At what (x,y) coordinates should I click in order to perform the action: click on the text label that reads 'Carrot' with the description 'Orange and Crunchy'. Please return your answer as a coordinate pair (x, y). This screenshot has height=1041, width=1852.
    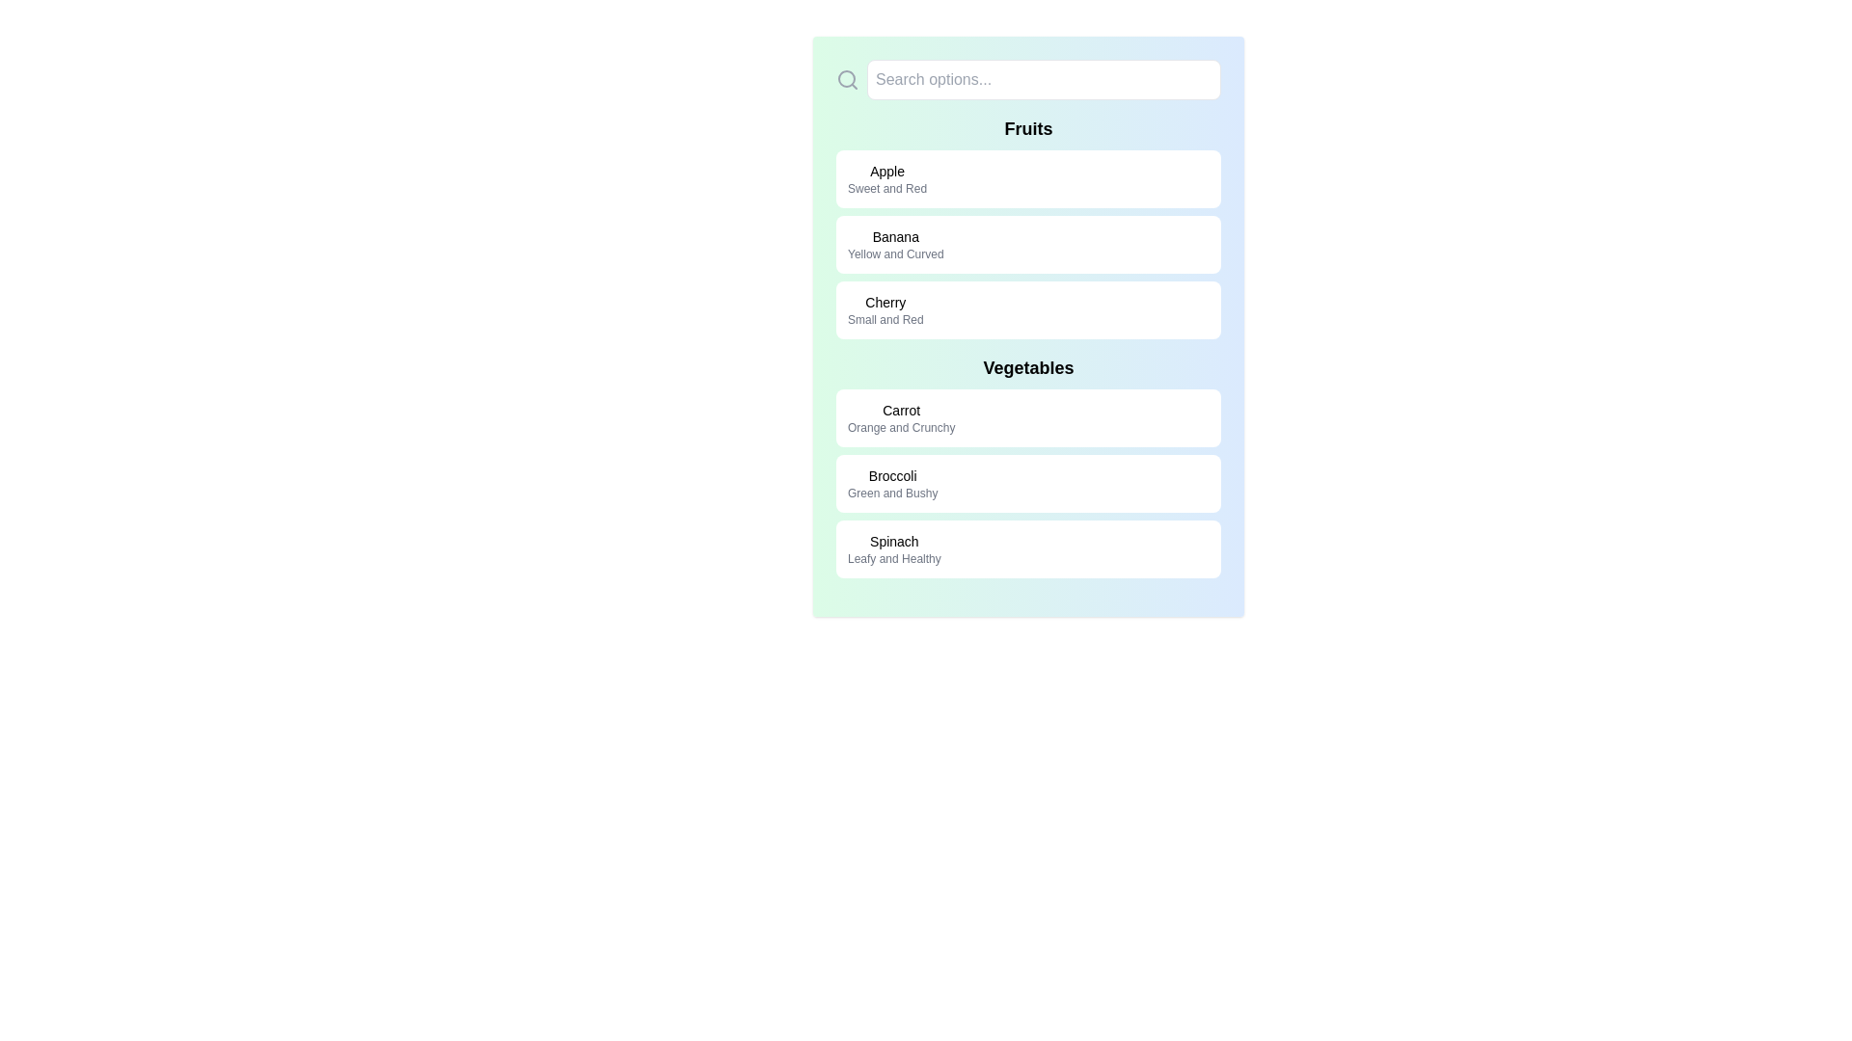
    Looking at the image, I should click on (900, 417).